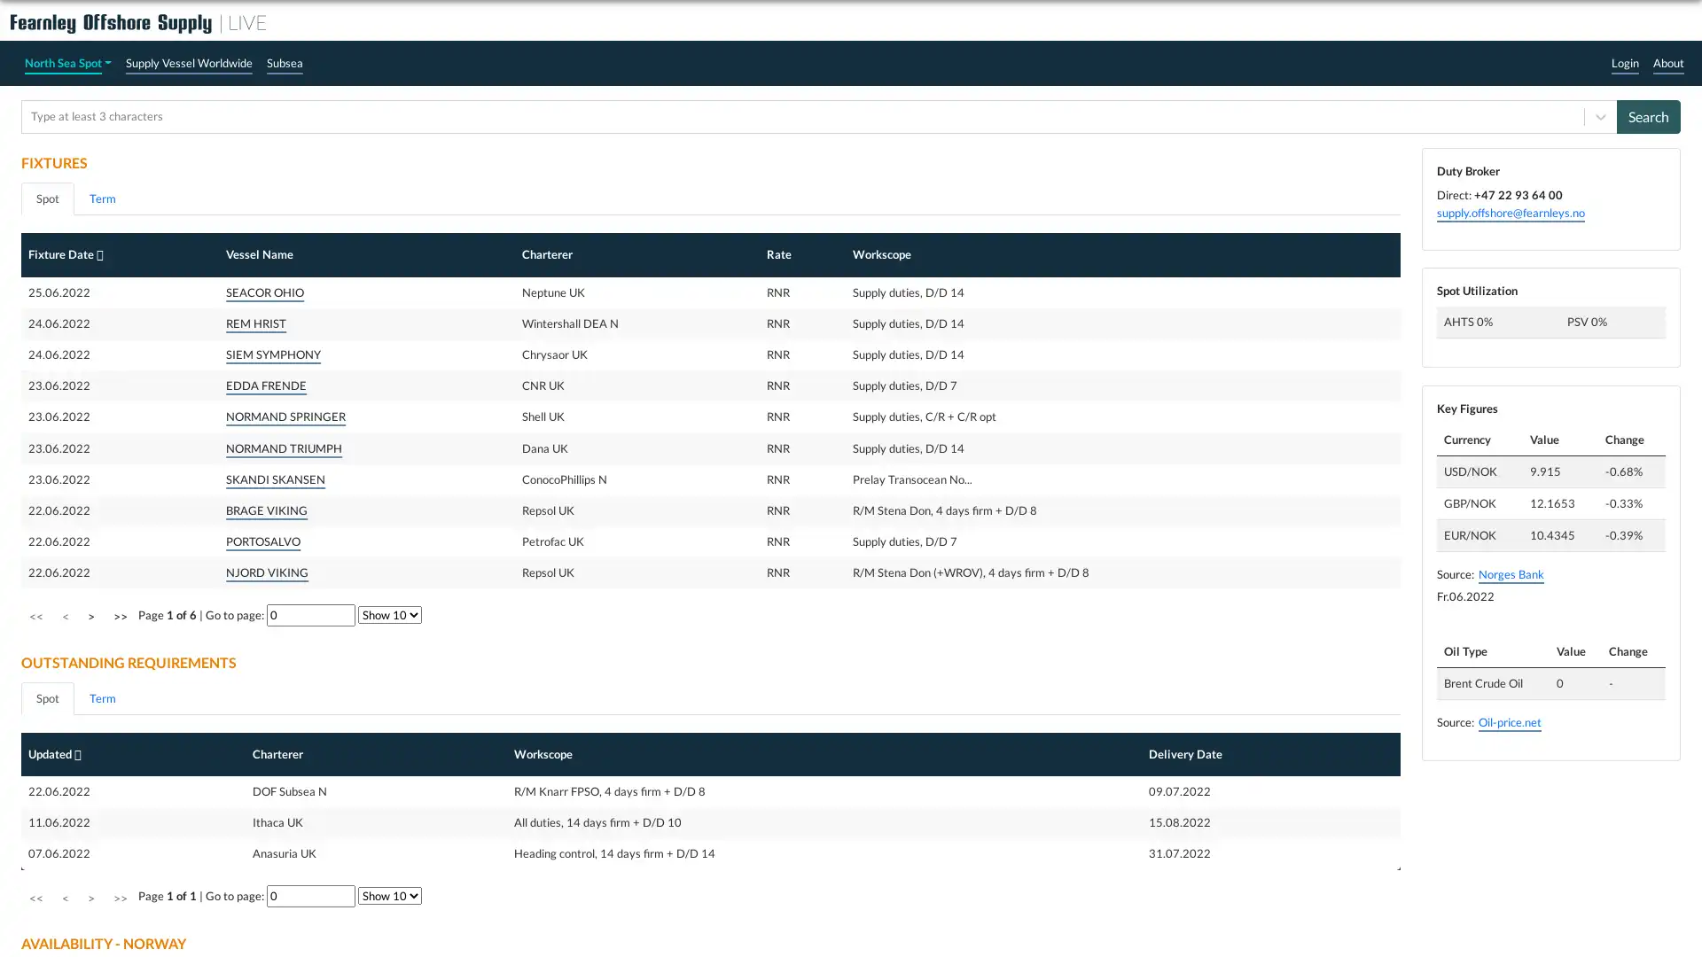 The height and width of the screenshot is (957, 1702). I want to click on <, so click(65, 615).